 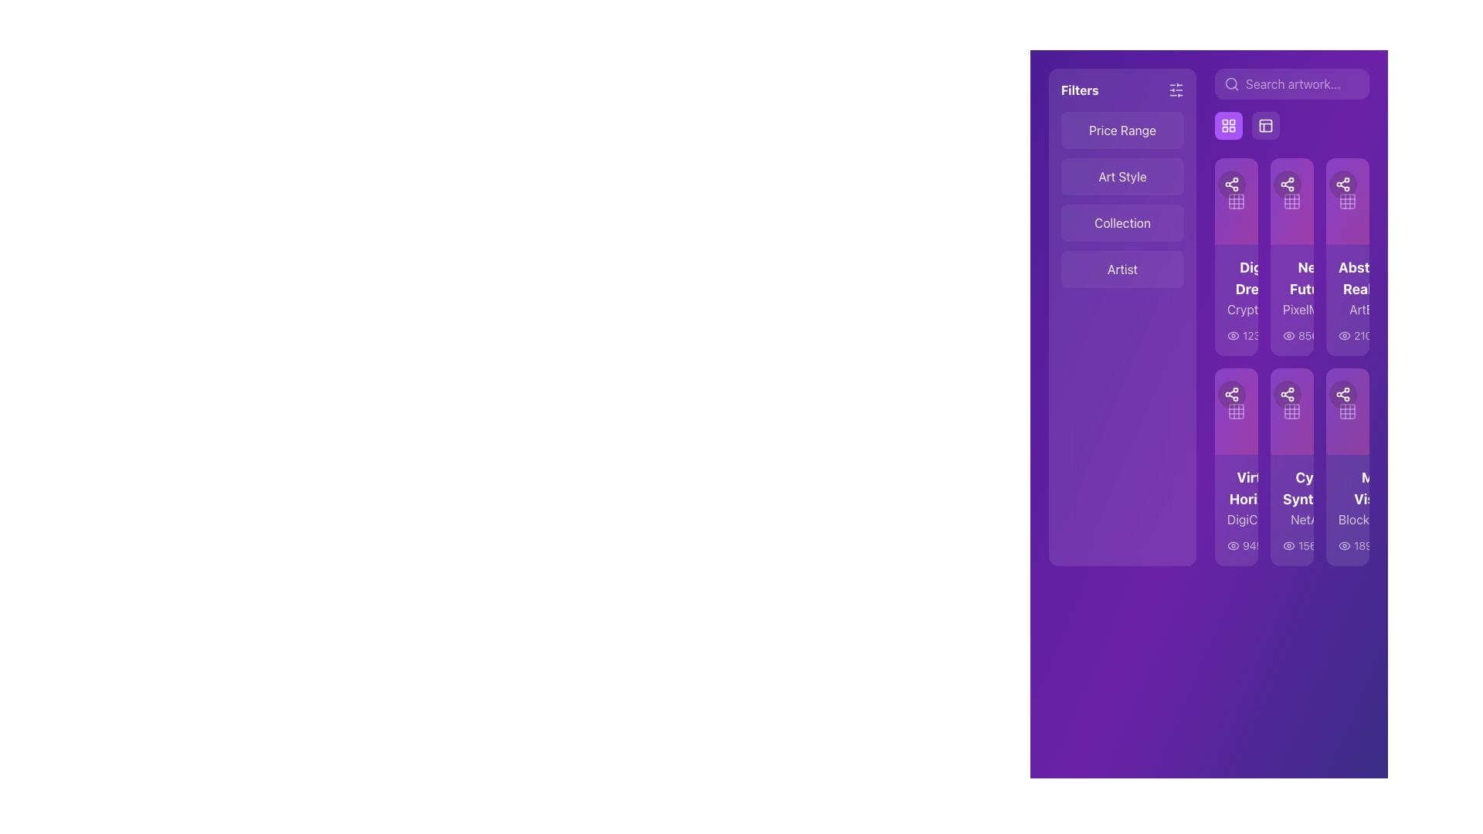 What do you see at coordinates (1367, 288) in the screenshot?
I see `the Text Label that identifies 'Abstract Realms' with the subtitle 'ArtBot', located on the third card from the top in the right section of the interface` at bounding box center [1367, 288].